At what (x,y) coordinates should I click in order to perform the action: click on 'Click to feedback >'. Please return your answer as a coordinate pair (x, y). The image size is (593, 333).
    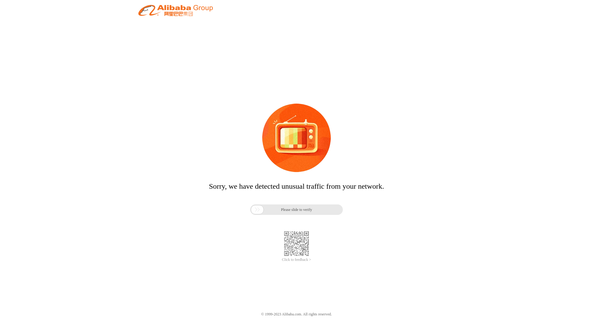
    Looking at the image, I should click on (296, 260).